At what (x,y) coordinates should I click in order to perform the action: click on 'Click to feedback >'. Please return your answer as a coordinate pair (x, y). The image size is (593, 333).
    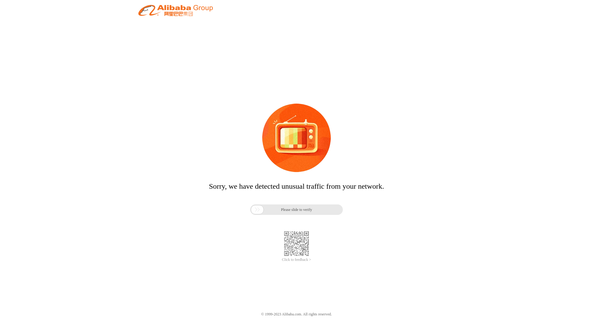
    Looking at the image, I should click on (296, 260).